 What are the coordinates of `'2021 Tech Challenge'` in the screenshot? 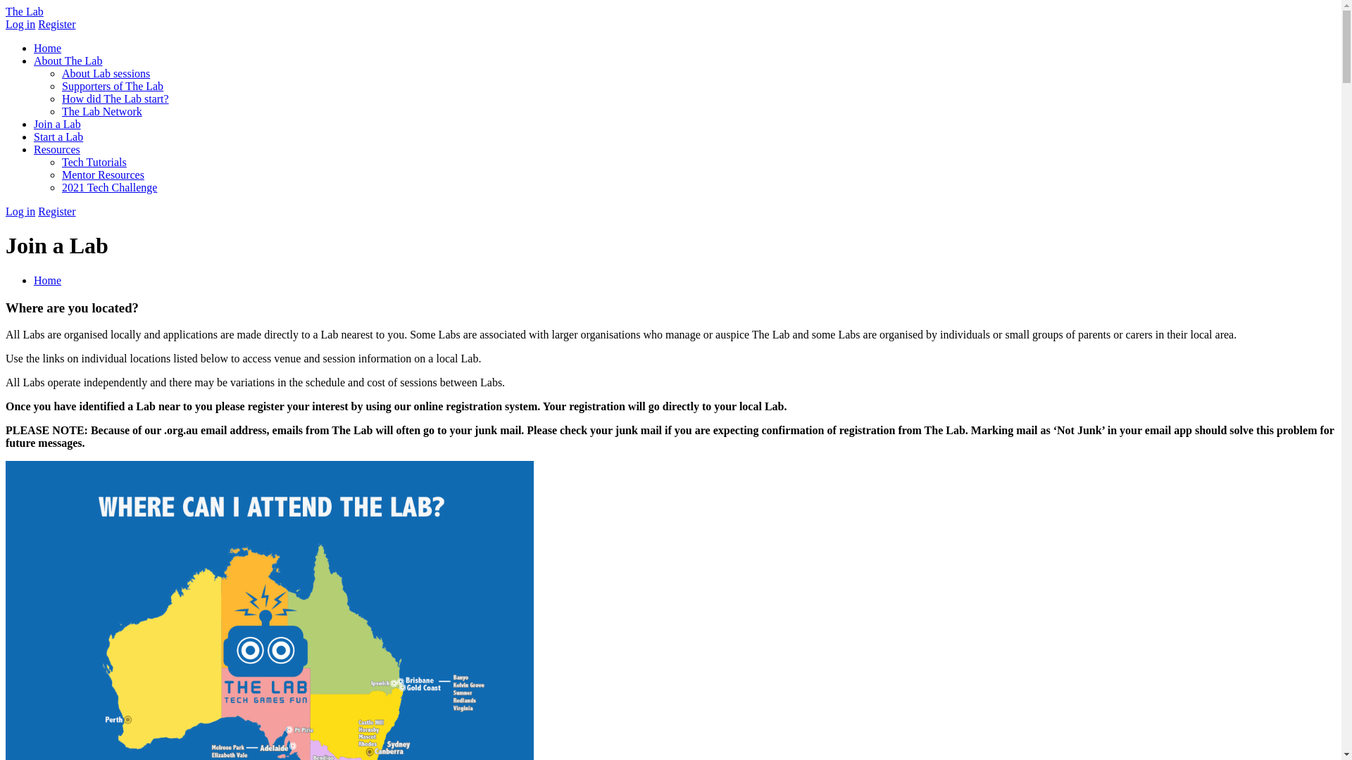 It's located at (108, 186).